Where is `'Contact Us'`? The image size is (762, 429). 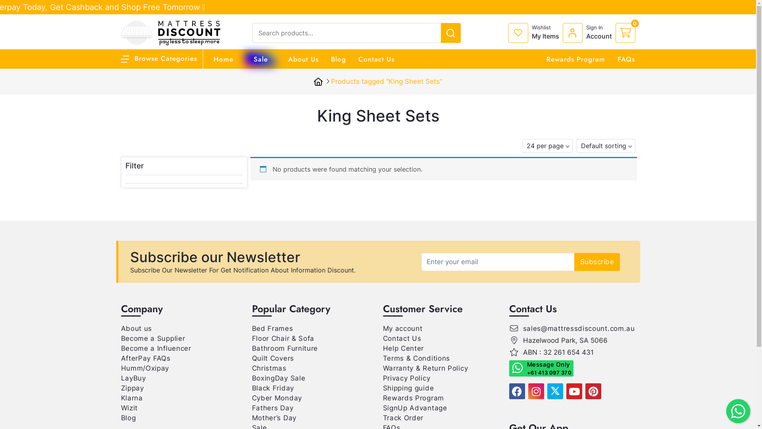 'Contact Us' is located at coordinates (383, 338).